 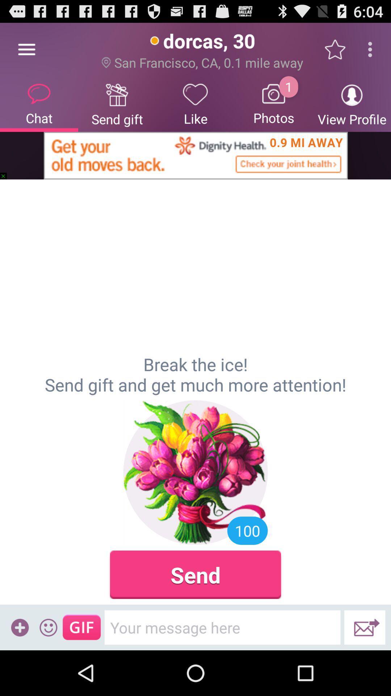 I want to click on the item to the left of the send gift, so click(x=26, y=49).